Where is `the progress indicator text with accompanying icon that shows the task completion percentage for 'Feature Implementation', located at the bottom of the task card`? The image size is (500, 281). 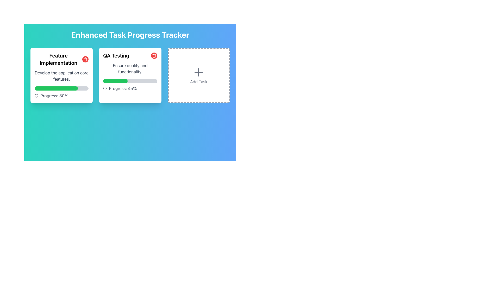
the progress indicator text with accompanying icon that shows the task completion percentage for 'Feature Implementation', located at the bottom of the task card is located at coordinates (61, 95).